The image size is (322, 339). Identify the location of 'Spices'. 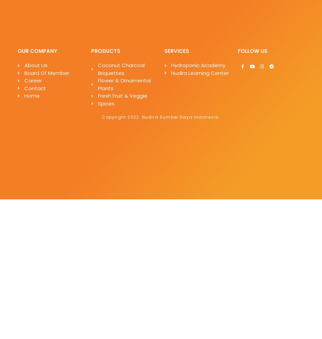
(105, 103).